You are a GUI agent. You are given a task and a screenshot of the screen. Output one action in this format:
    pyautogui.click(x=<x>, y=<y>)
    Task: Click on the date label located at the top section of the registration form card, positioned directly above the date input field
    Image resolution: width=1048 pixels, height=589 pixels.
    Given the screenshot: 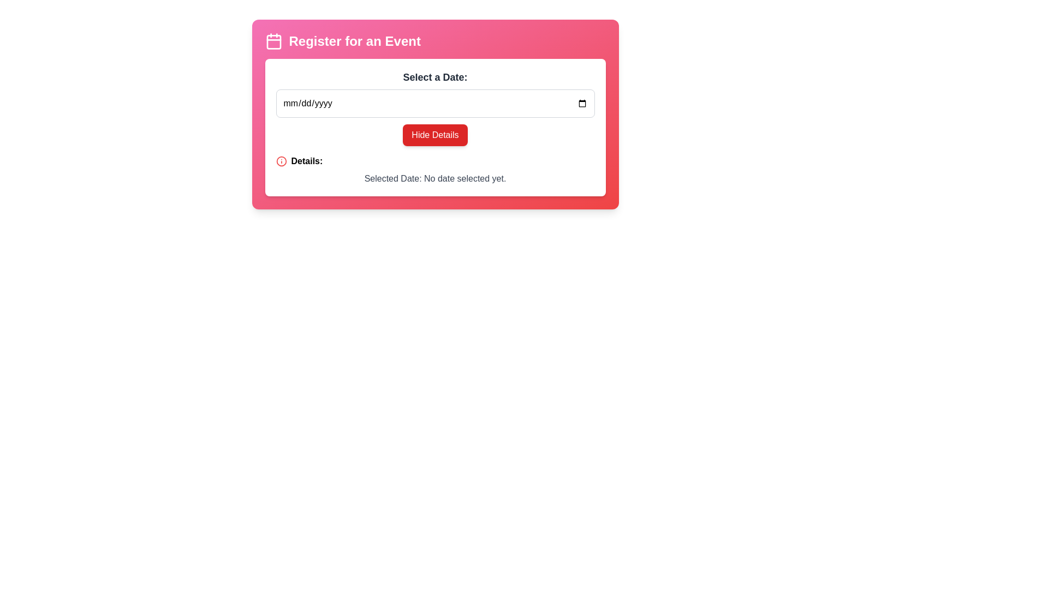 What is the action you would take?
    pyautogui.click(x=434, y=77)
    